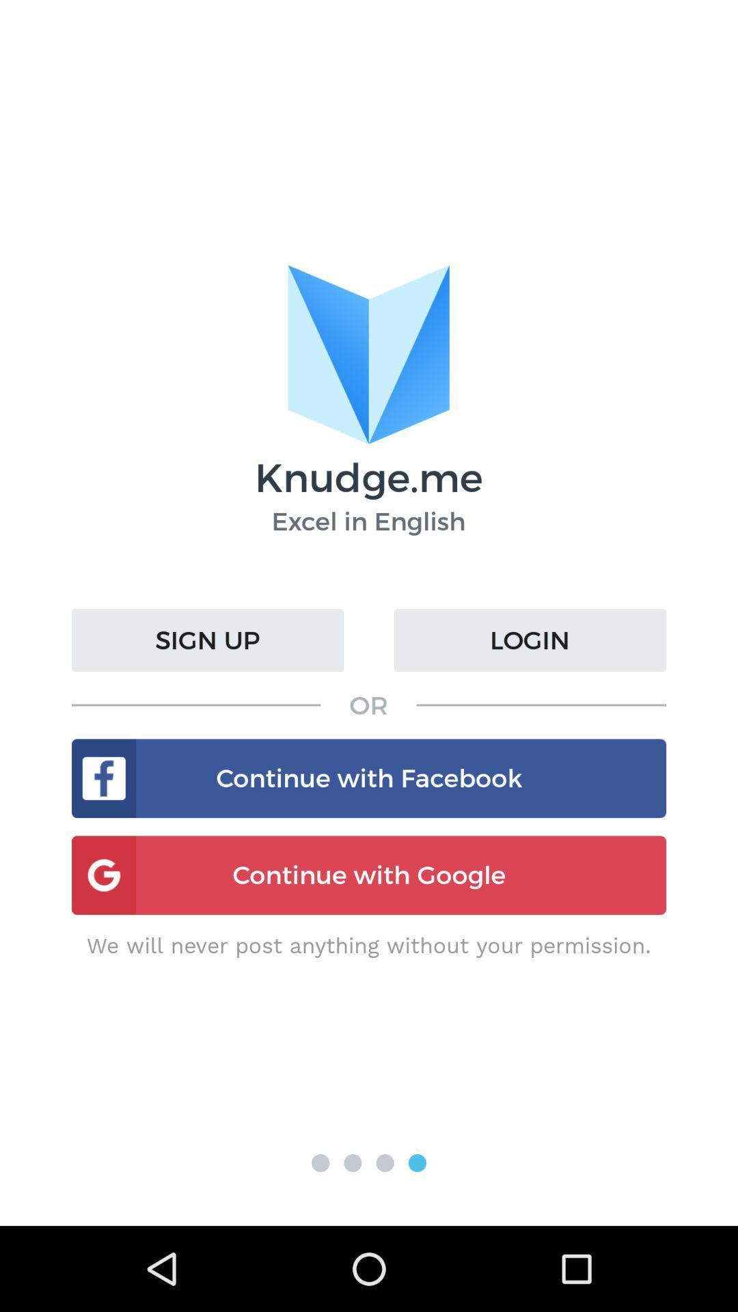 This screenshot has width=738, height=1312. Describe the element at coordinates (208, 640) in the screenshot. I see `the sign up` at that location.